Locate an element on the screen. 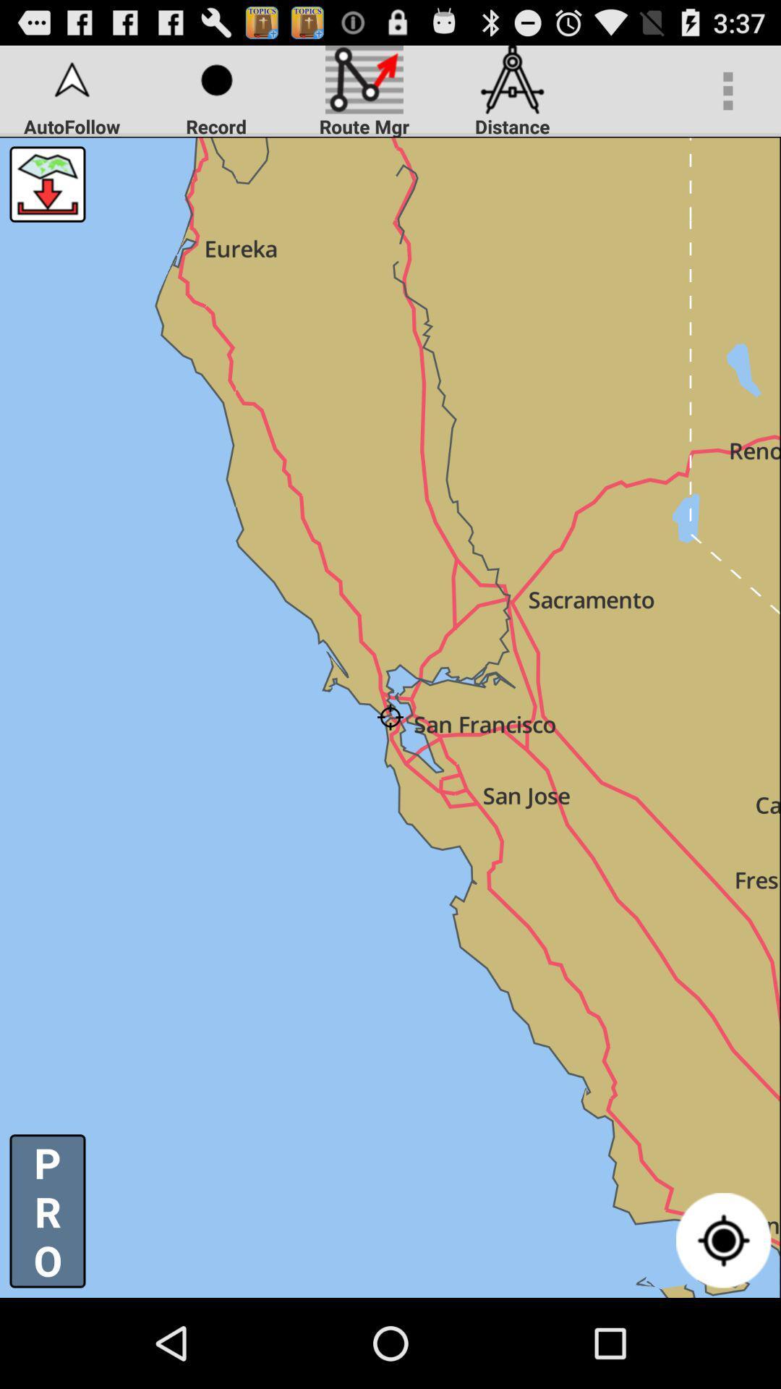 The height and width of the screenshot is (1389, 781). go down is located at coordinates (46, 183).